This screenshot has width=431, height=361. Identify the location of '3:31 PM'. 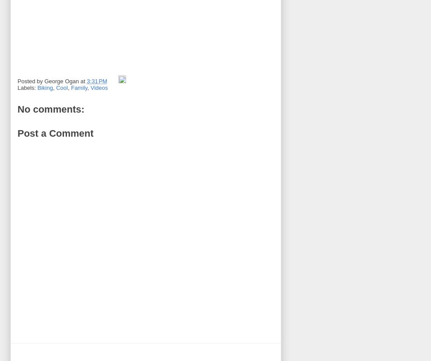
(97, 81).